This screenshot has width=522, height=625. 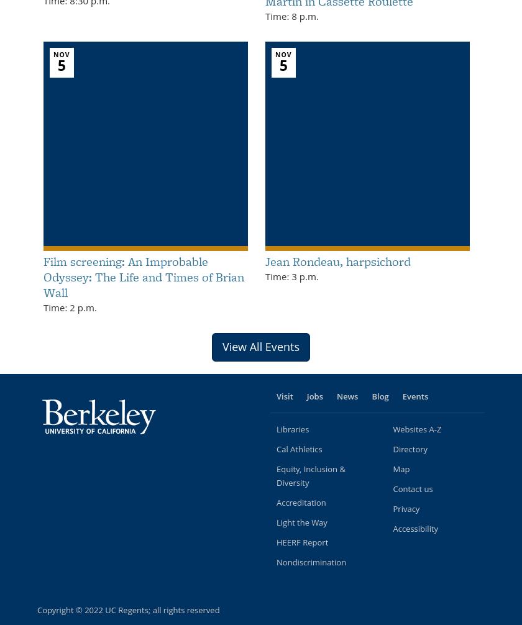 I want to click on 'Directory', so click(x=410, y=449).